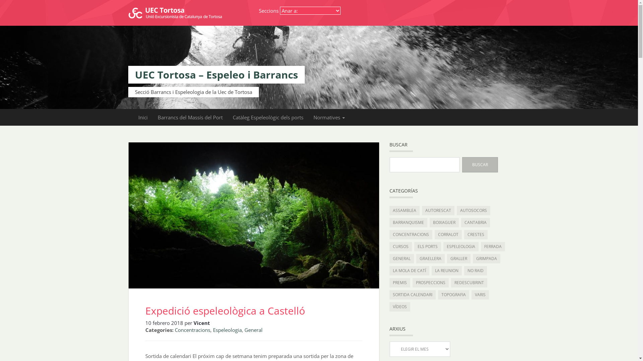 The width and height of the screenshot is (643, 361). I want to click on 'AUTORESCAT', so click(438, 210).